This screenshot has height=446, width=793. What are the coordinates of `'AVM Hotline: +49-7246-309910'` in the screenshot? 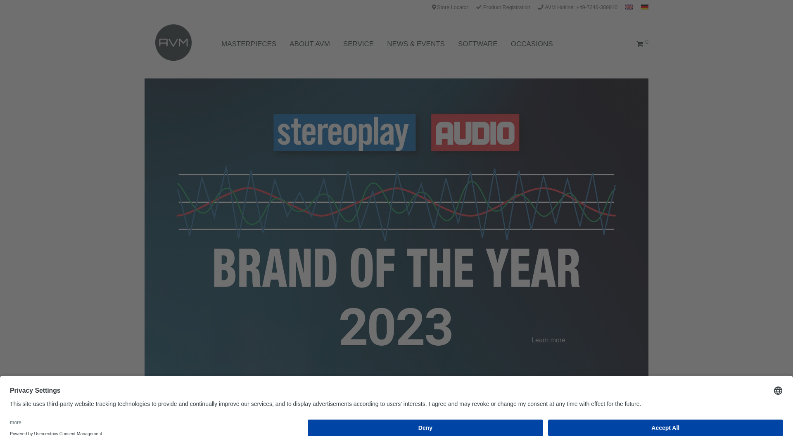 It's located at (577, 7).